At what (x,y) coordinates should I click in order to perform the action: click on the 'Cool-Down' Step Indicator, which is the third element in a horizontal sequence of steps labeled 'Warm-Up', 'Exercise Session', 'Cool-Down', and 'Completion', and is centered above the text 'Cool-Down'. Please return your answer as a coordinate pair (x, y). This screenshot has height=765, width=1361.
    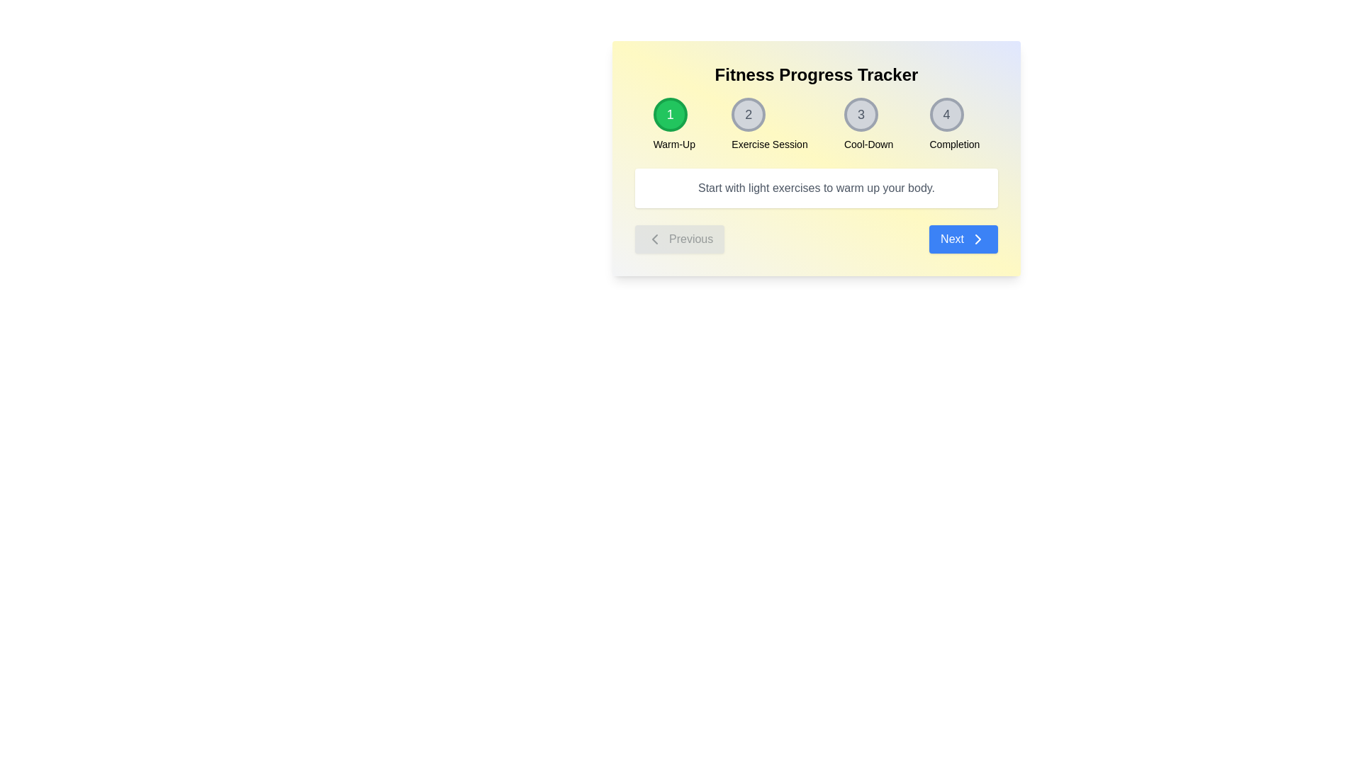
    Looking at the image, I should click on (868, 124).